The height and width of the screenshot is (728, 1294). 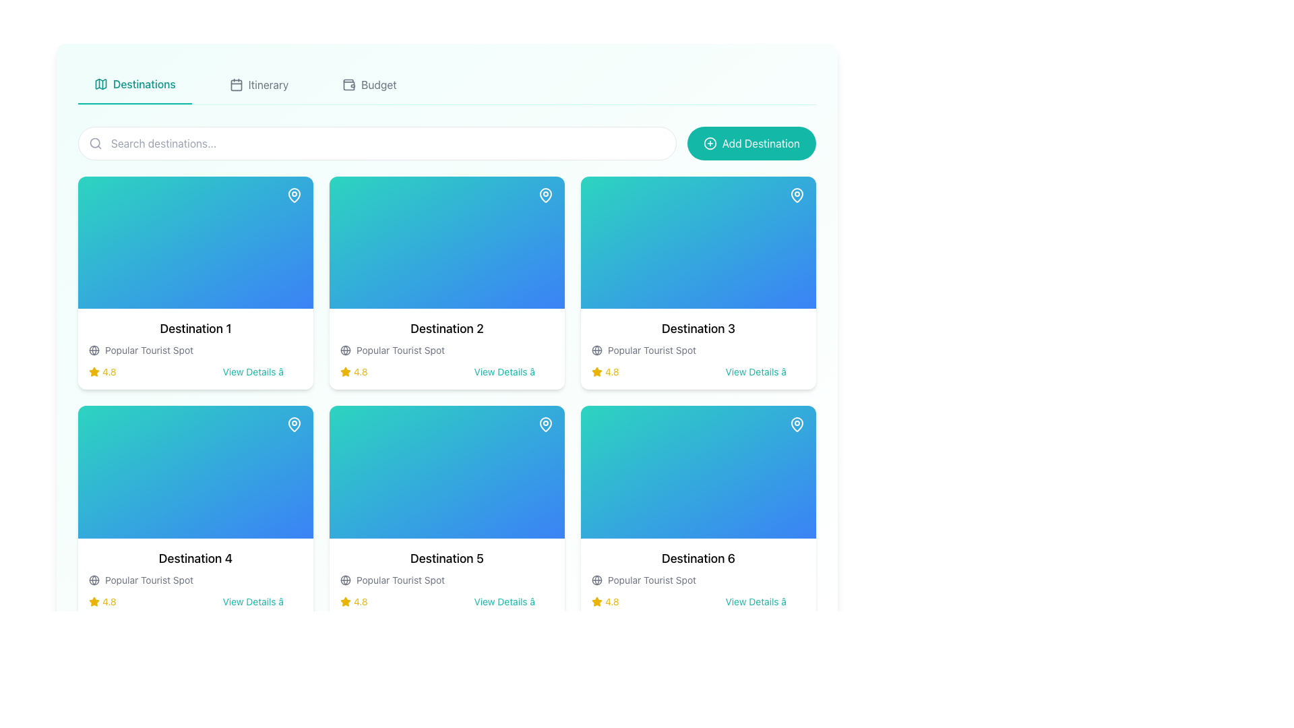 What do you see at coordinates (513, 601) in the screenshot?
I see `the 'View Details' link for 'Destination 5' to provide visual feedback` at bounding box center [513, 601].